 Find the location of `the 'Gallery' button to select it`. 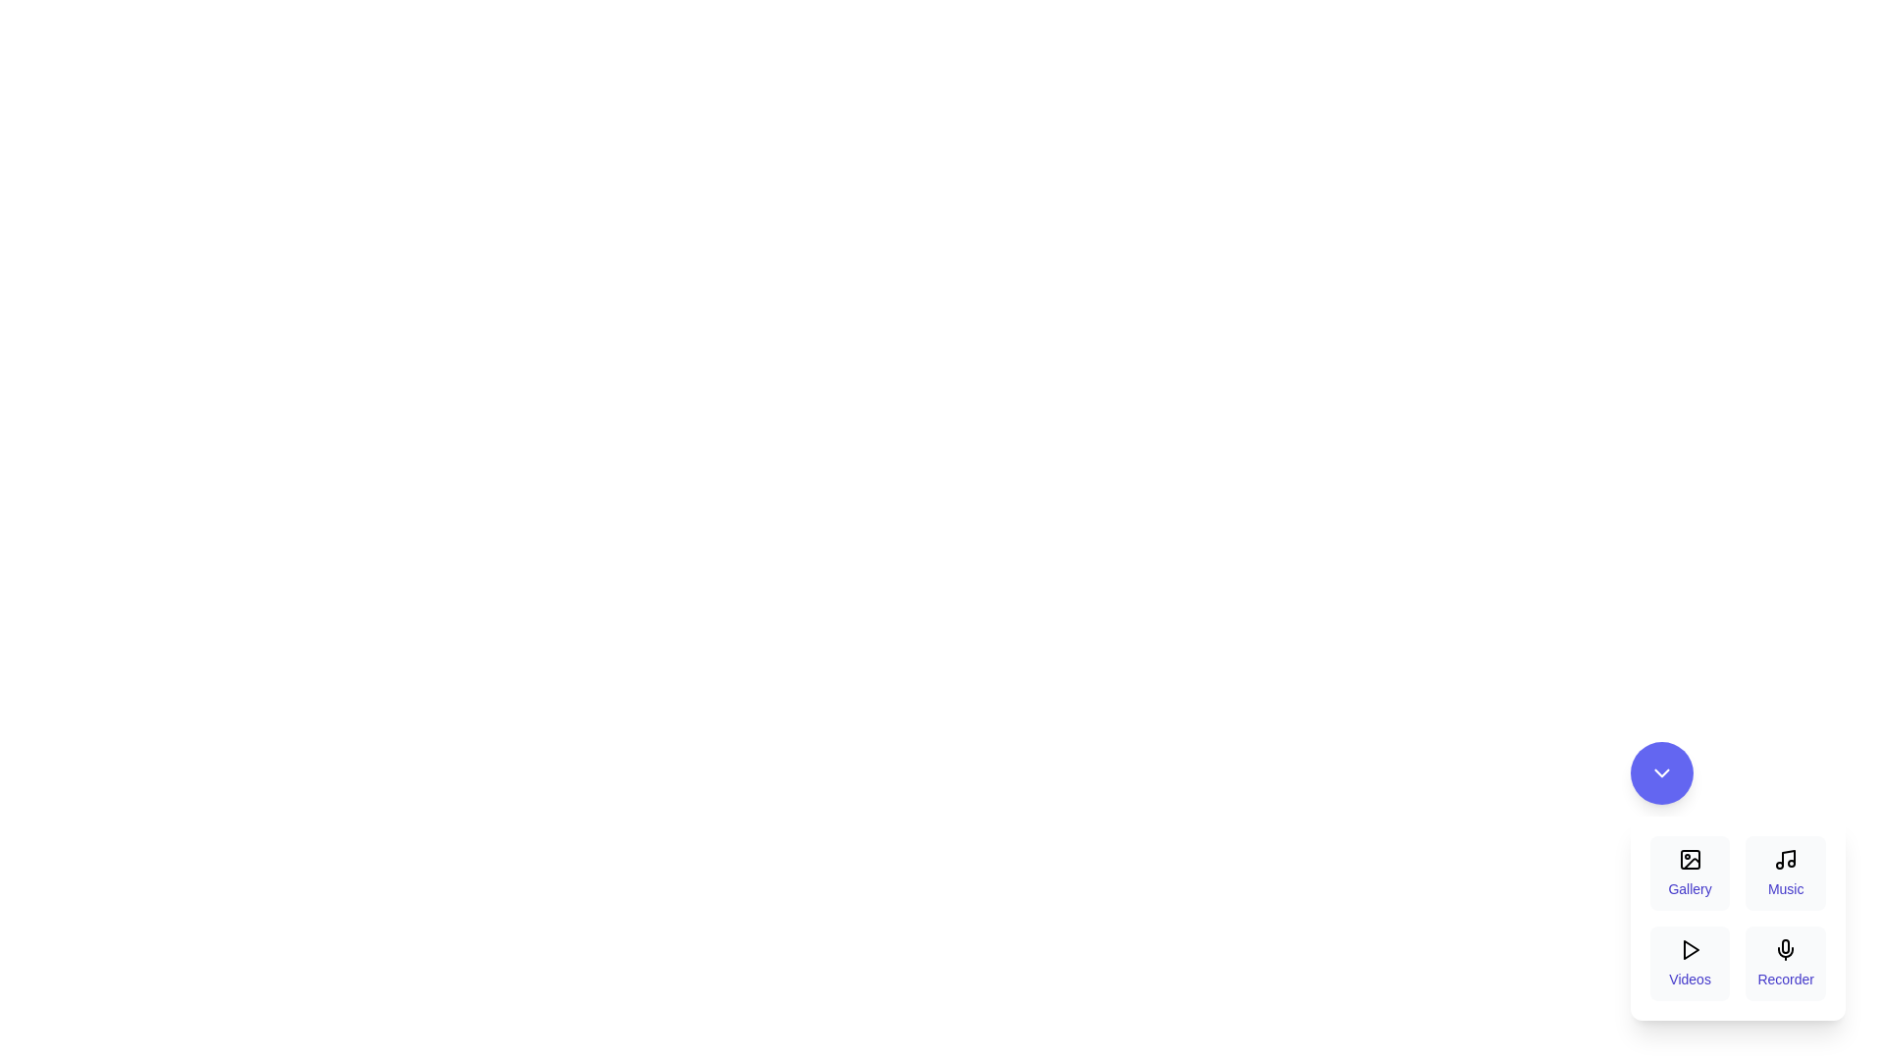

the 'Gallery' button to select it is located at coordinates (1689, 873).